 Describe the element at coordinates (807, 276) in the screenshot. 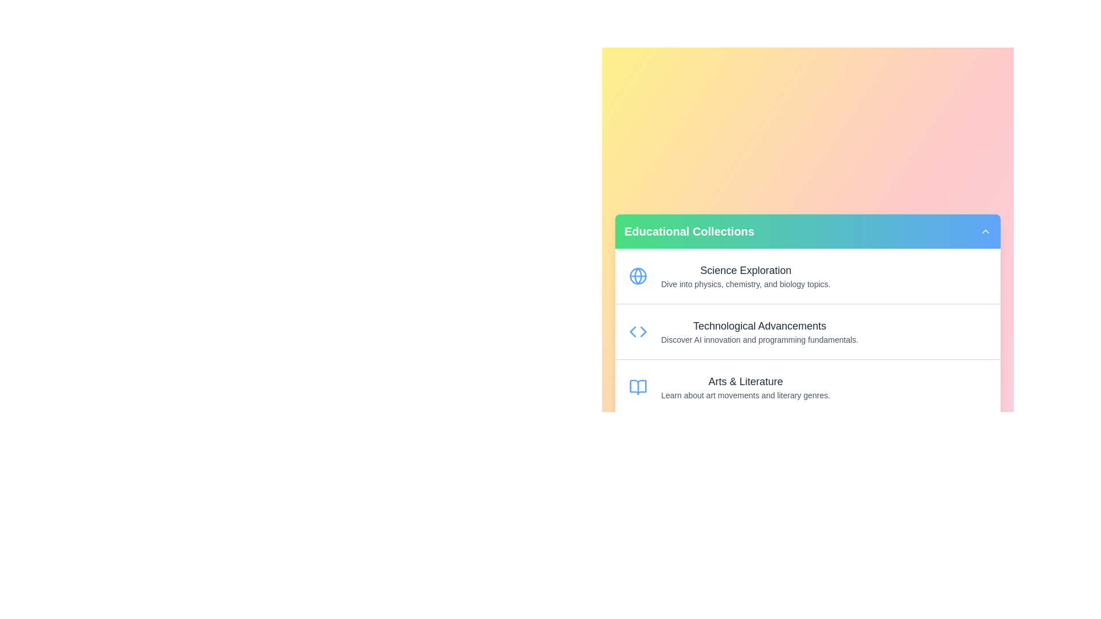

I see `the item labeled 'Science Exploration' in the list to observe visual feedback` at that location.